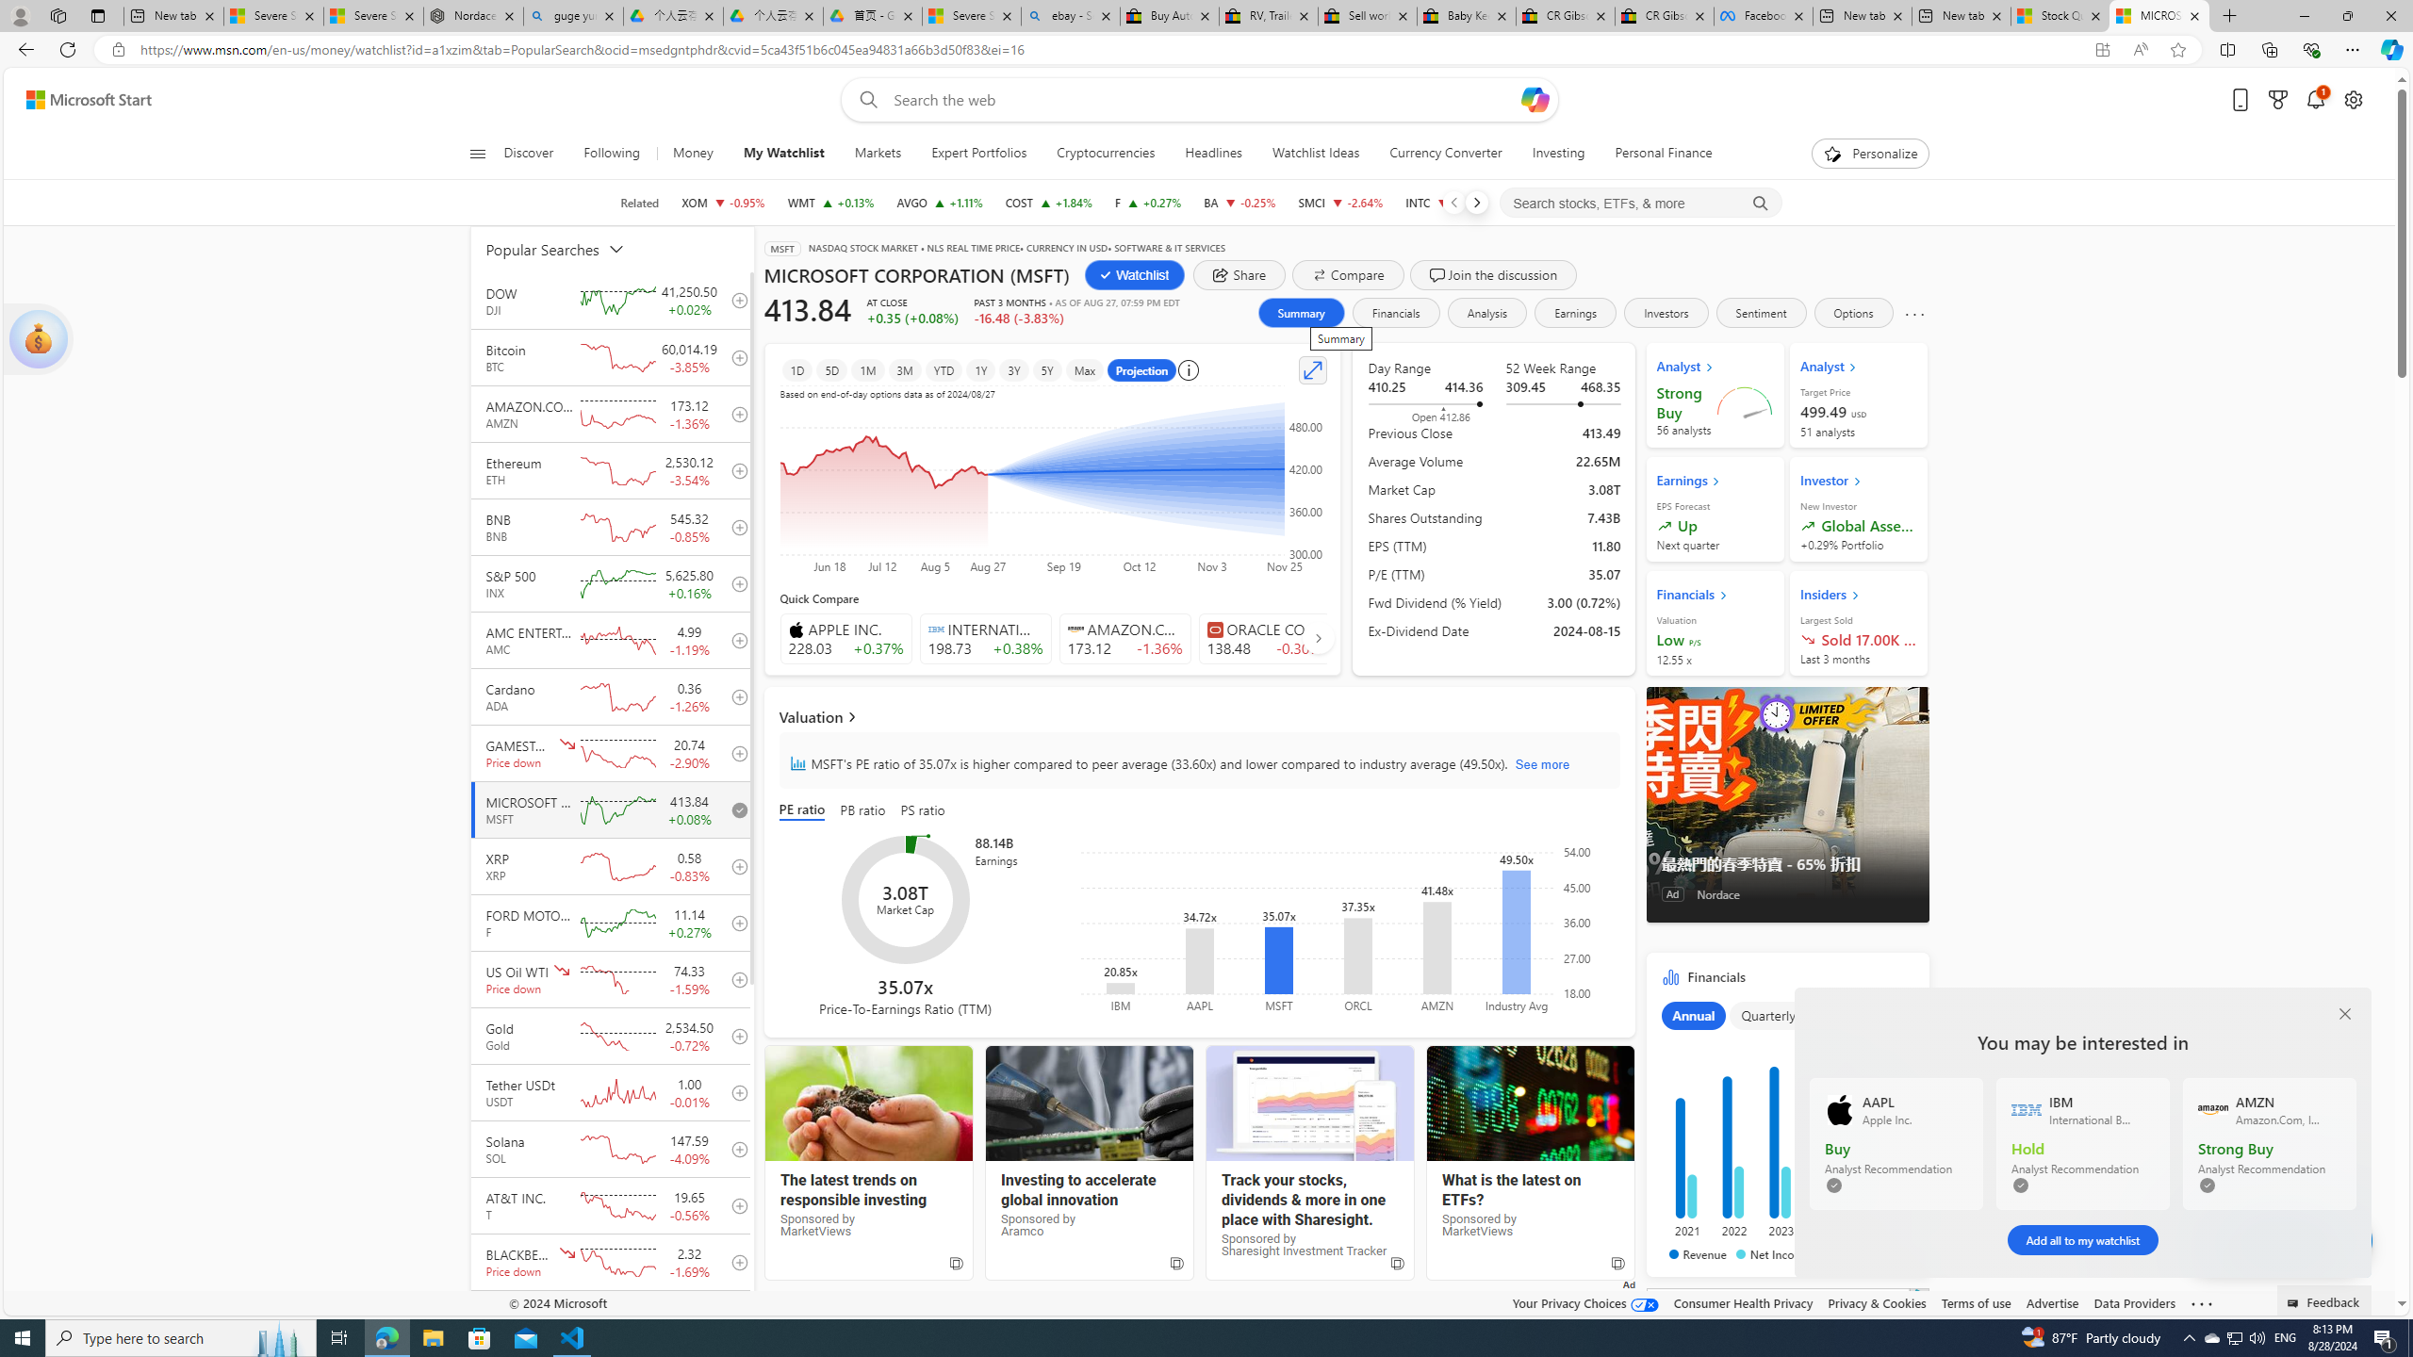 This screenshot has width=2413, height=1357. I want to click on 'Watchlist Ideas', so click(1315, 153).